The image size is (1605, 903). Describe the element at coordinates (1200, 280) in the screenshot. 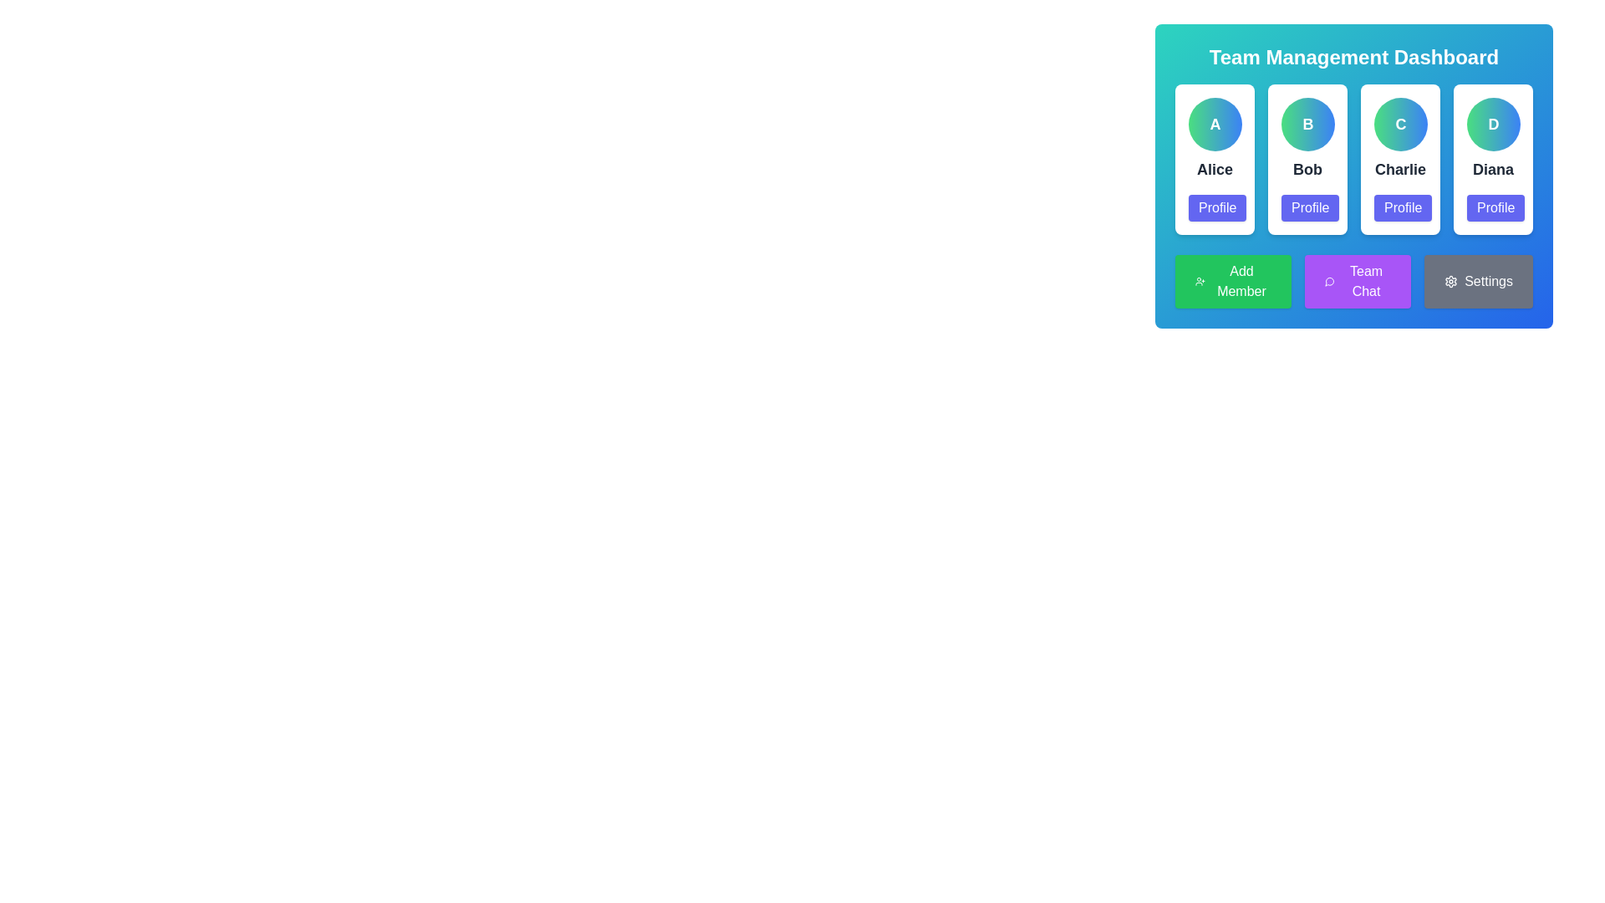

I see `the user-plus icon with a green background located inside the 'Add Member' button, which is at the bottom left corner of the main card in the interface` at that location.